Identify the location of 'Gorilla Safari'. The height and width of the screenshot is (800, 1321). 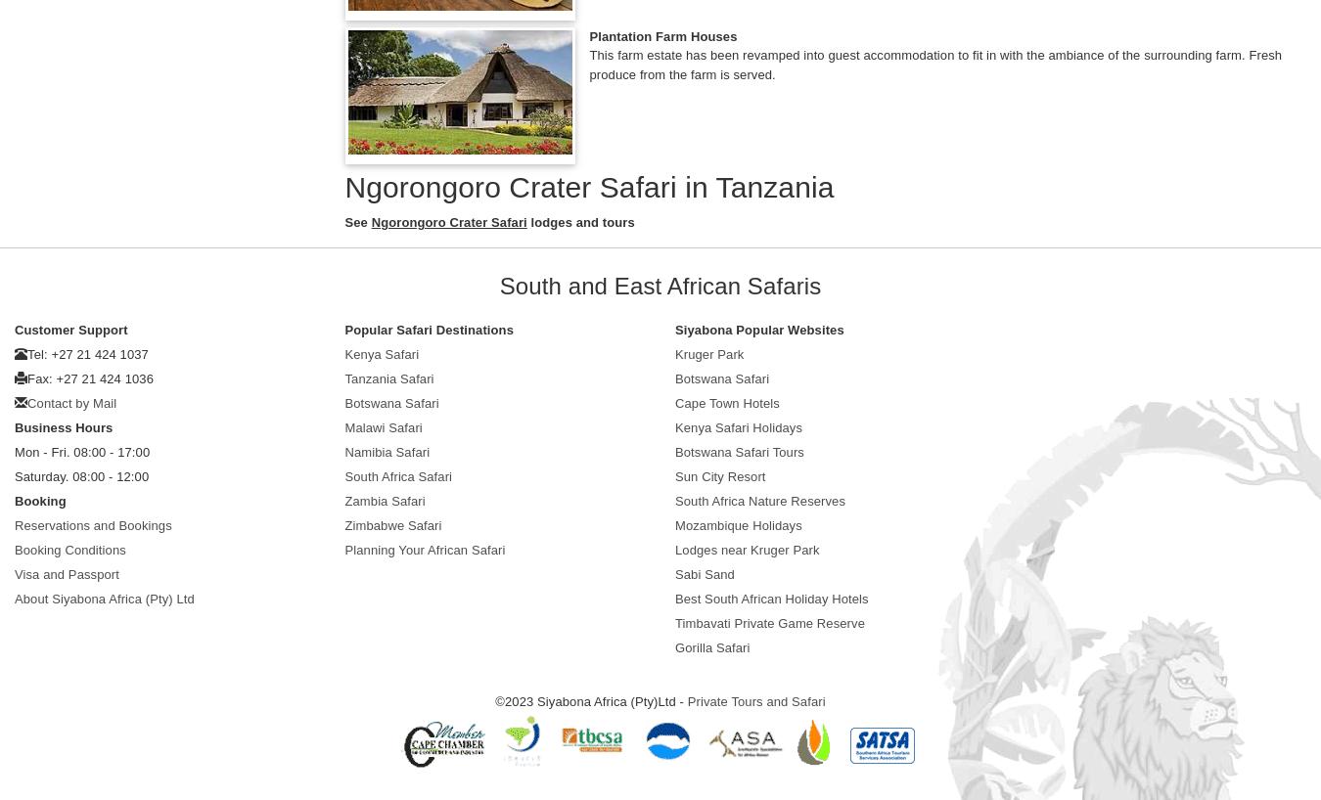
(673, 647).